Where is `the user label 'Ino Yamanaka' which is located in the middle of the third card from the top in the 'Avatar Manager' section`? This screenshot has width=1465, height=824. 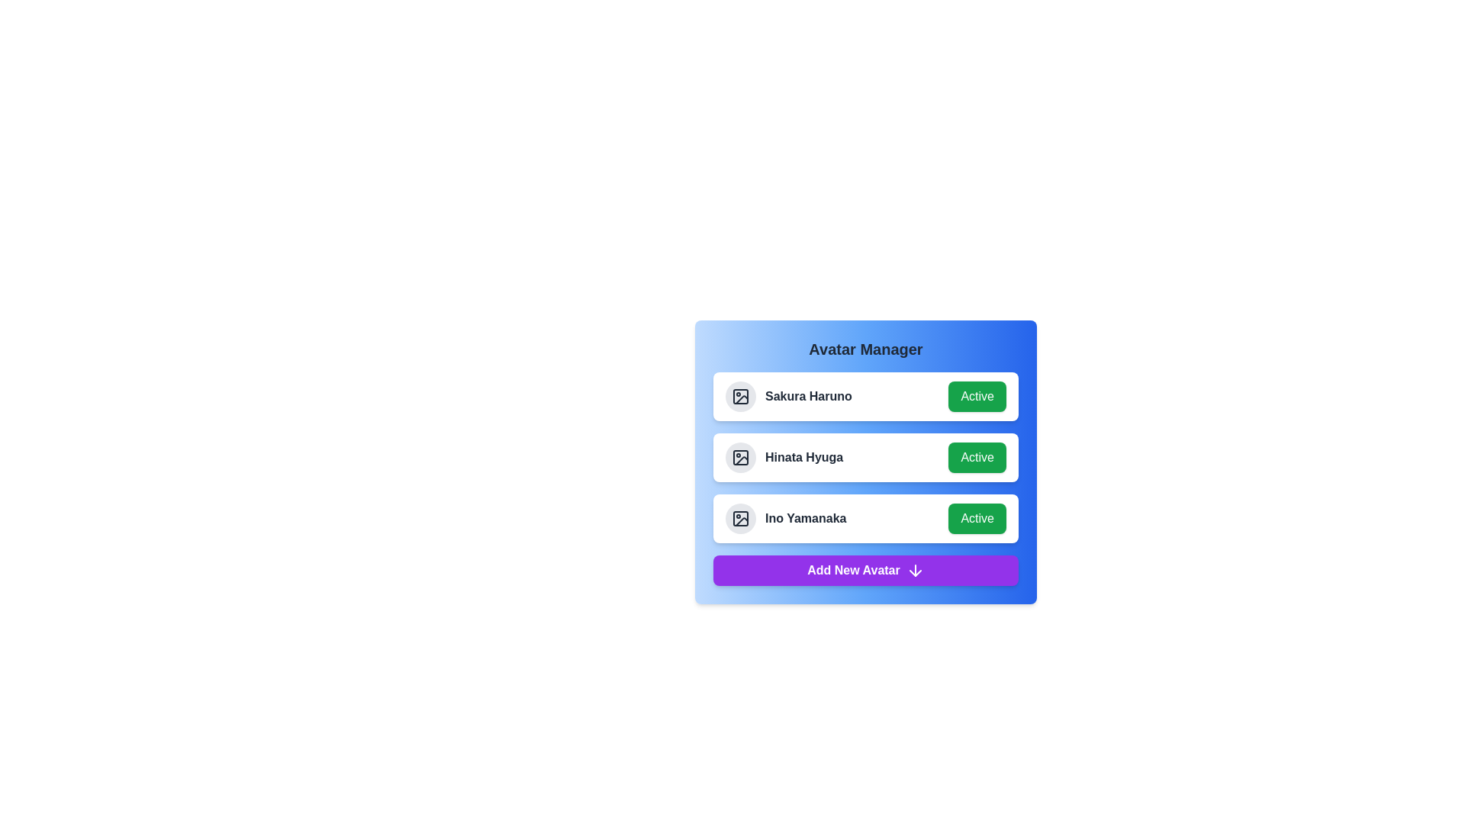
the user label 'Ino Yamanaka' which is located in the middle of the third card from the top in the 'Avatar Manager' section is located at coordinates (786, 517).